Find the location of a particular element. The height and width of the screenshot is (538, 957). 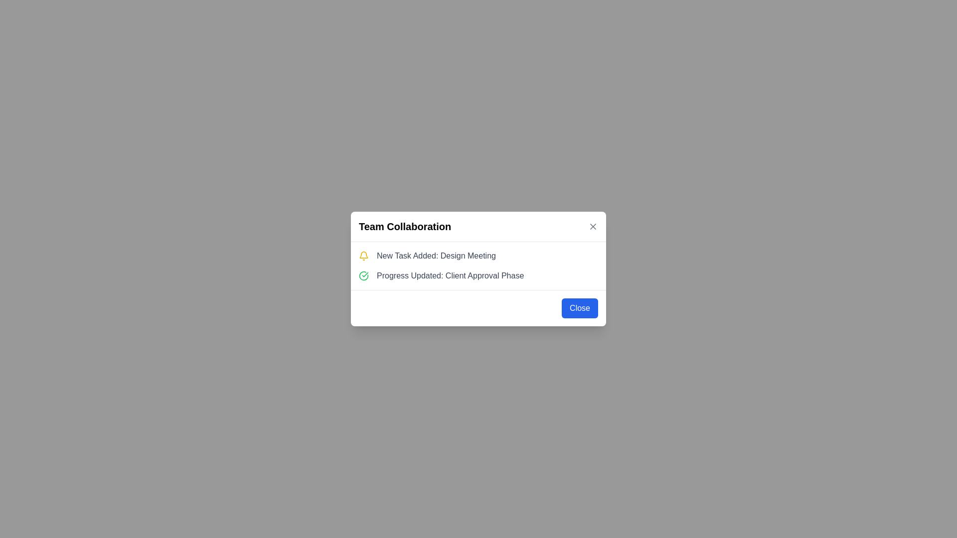

the close button located in the top-right corner of the dialog box is located at coordinates (593, 227).